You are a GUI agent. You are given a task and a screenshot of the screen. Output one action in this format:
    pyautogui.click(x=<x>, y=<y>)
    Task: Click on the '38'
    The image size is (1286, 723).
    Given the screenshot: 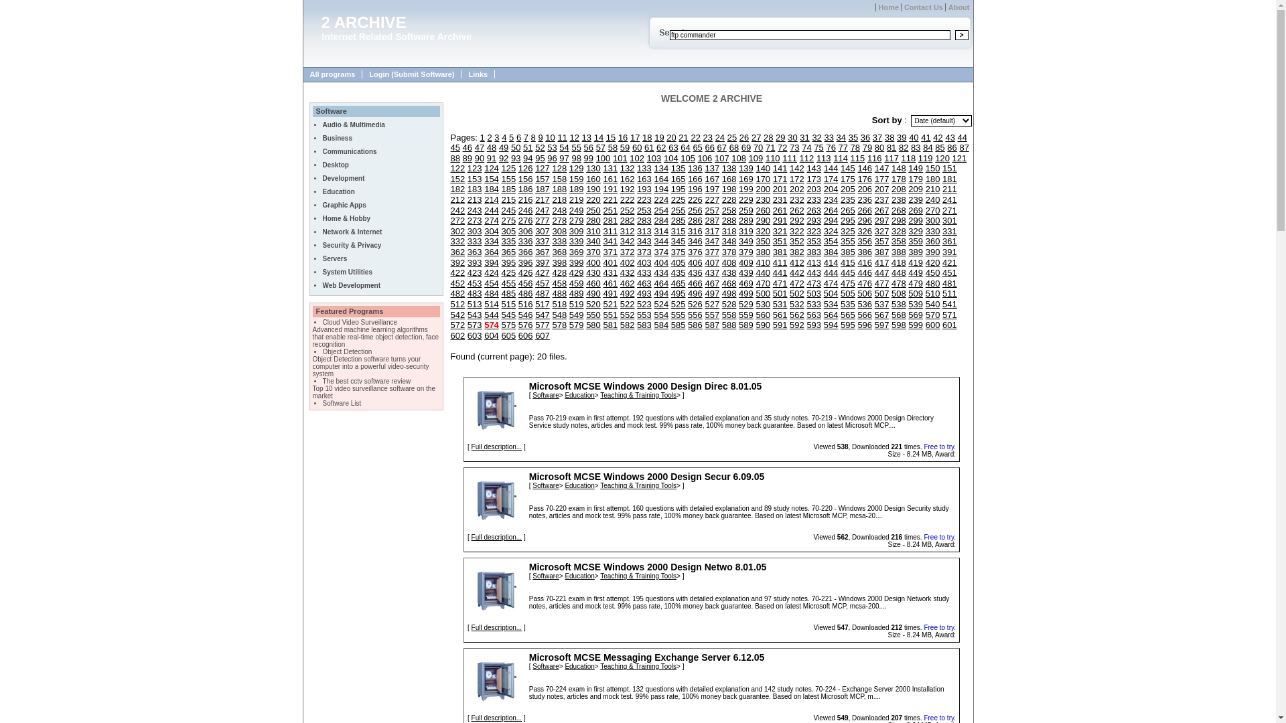 What is the action you would take?
    pyautogui.click(x=884, y=137)
    